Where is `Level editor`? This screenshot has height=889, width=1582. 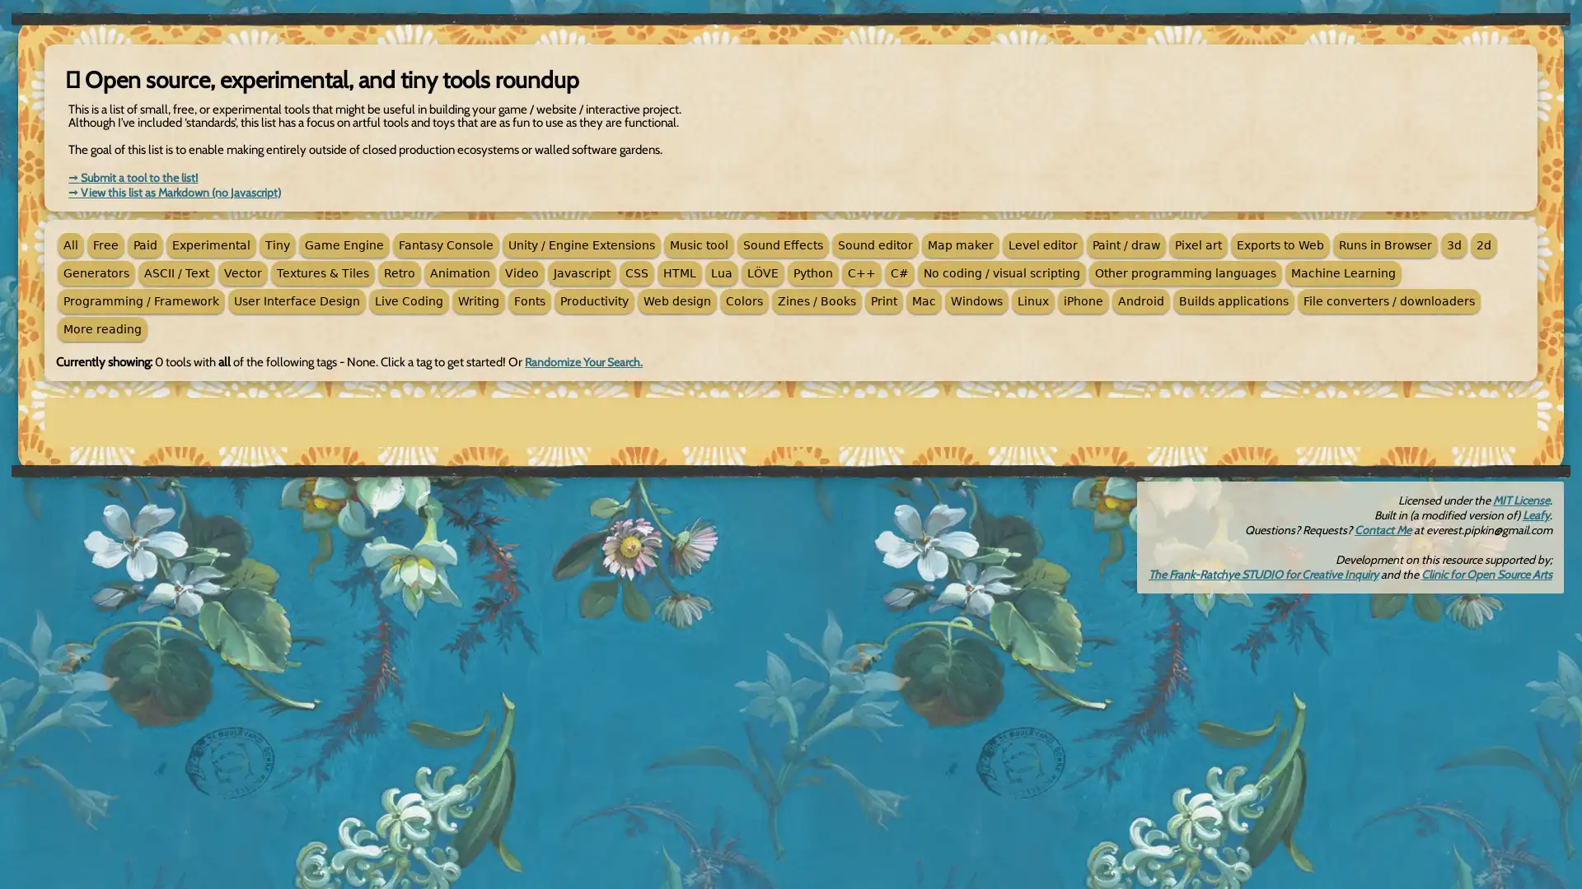 Level editor is located at coordinates (1042, 244).